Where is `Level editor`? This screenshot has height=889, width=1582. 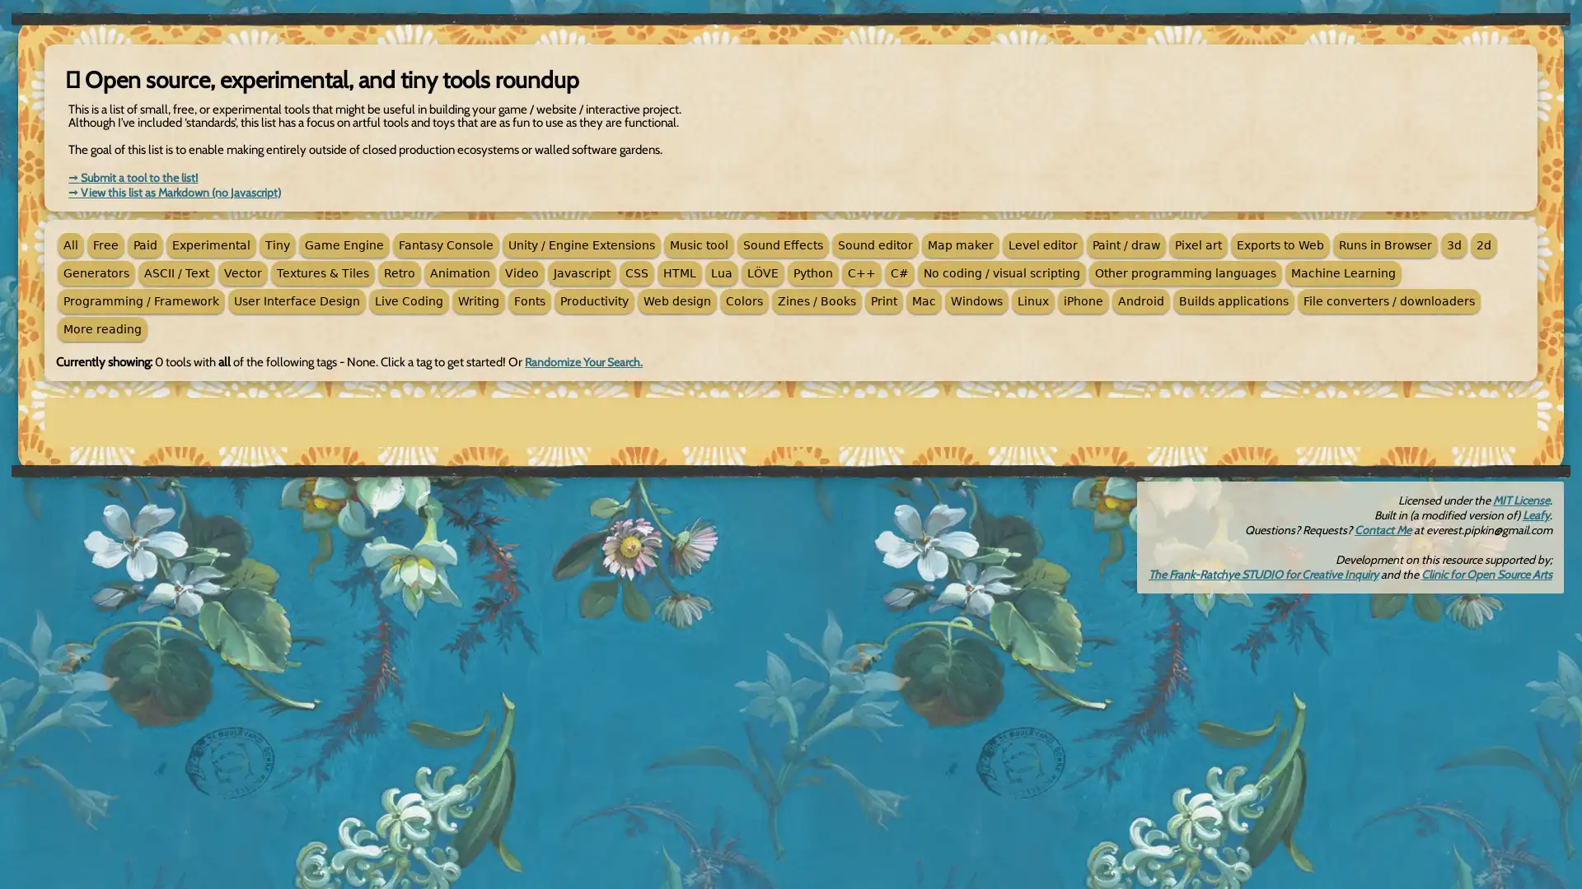 Level editor is located at coordinates (1042, 244).